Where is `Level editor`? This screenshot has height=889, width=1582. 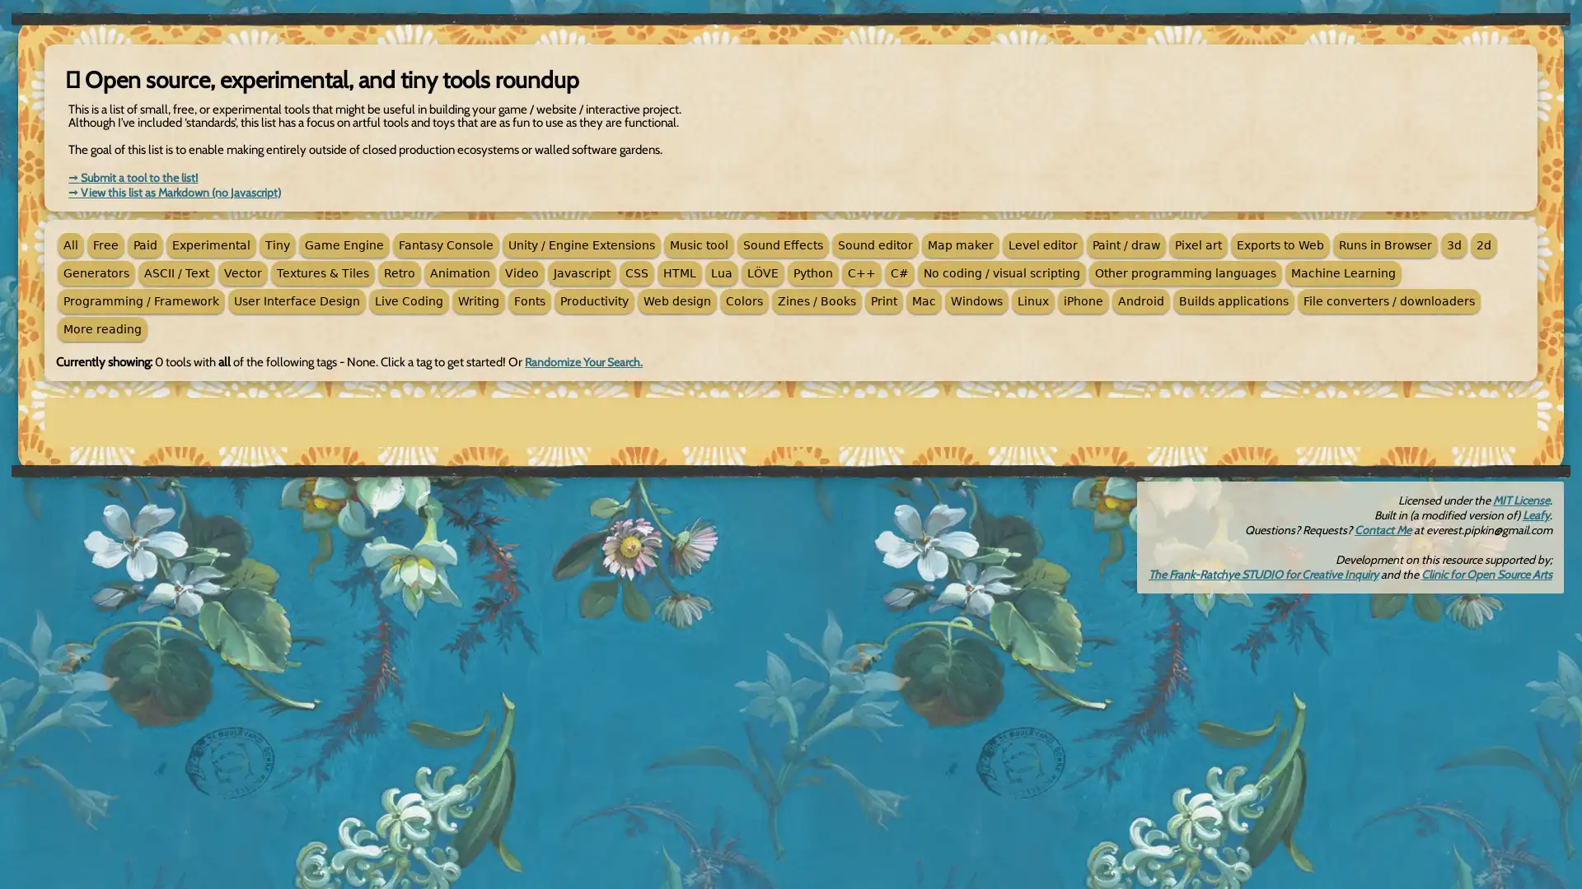 Level editor is located at coordinates (1042, 244).